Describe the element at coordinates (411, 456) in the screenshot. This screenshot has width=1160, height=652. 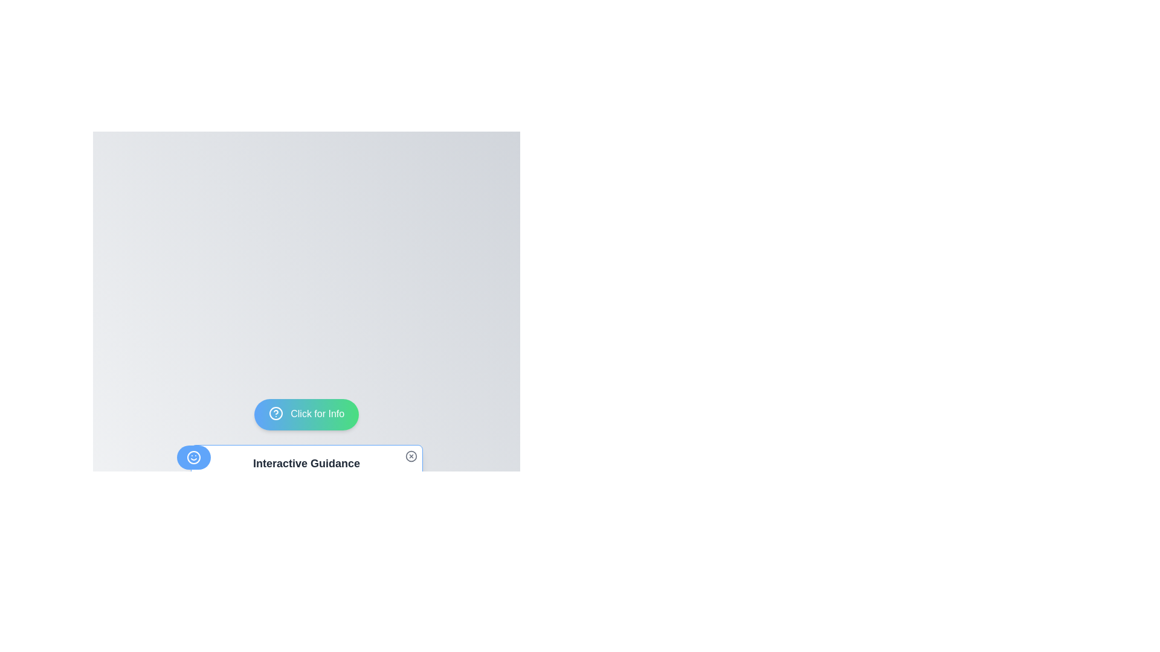
I see `the small circular icon with a cross inside it, located at the top-right corner of the 'Interactive Guidance' card` at that location.